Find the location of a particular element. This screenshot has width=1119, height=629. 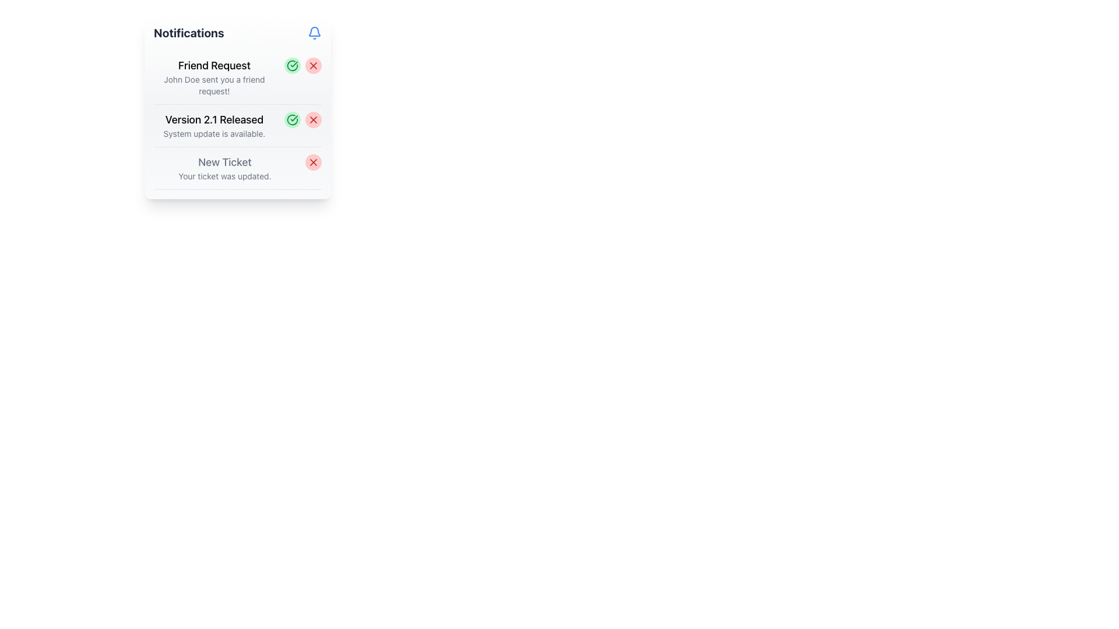

the red close icon button styled as an 'X' character located in the 'New Ticket' notification card is located at coordinates (313, 162).